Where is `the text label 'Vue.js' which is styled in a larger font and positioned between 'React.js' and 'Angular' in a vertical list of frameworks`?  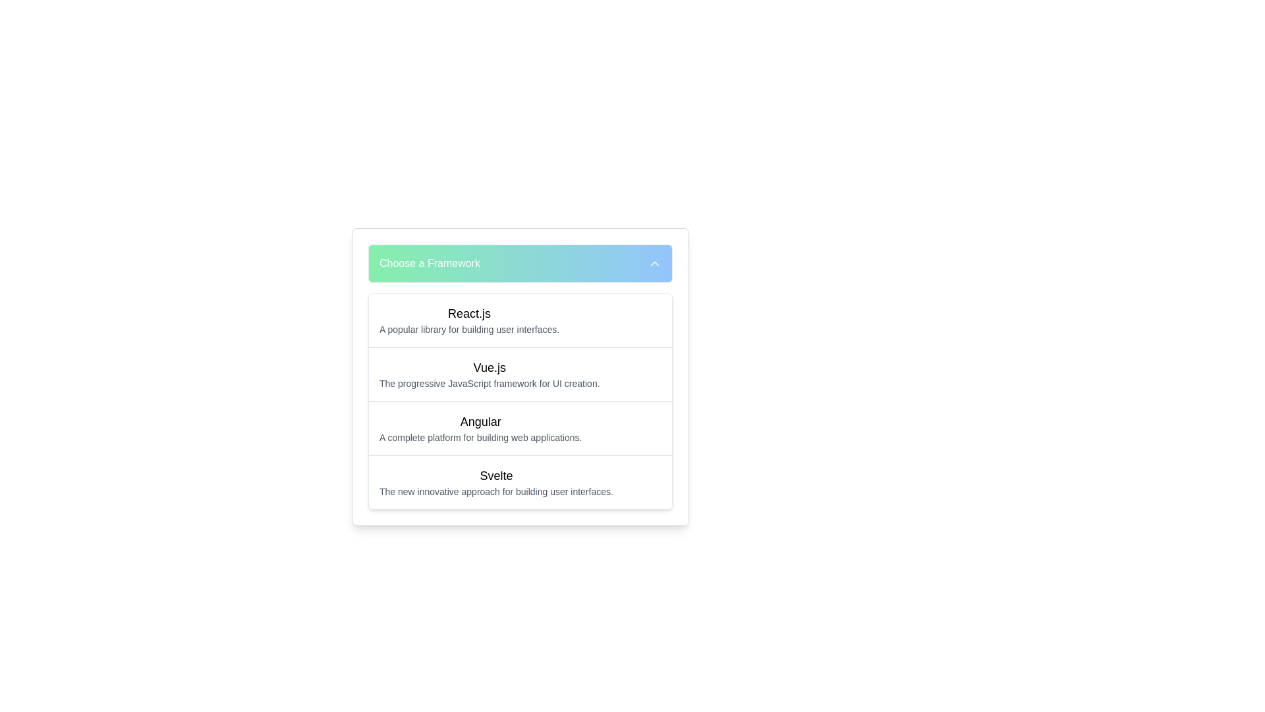
the text label 'Vue.js' which is styled in a larger font and positioned between 'React.js' and 'Angular' in a vertical list of frameworks is located at coordinates (489, 368).